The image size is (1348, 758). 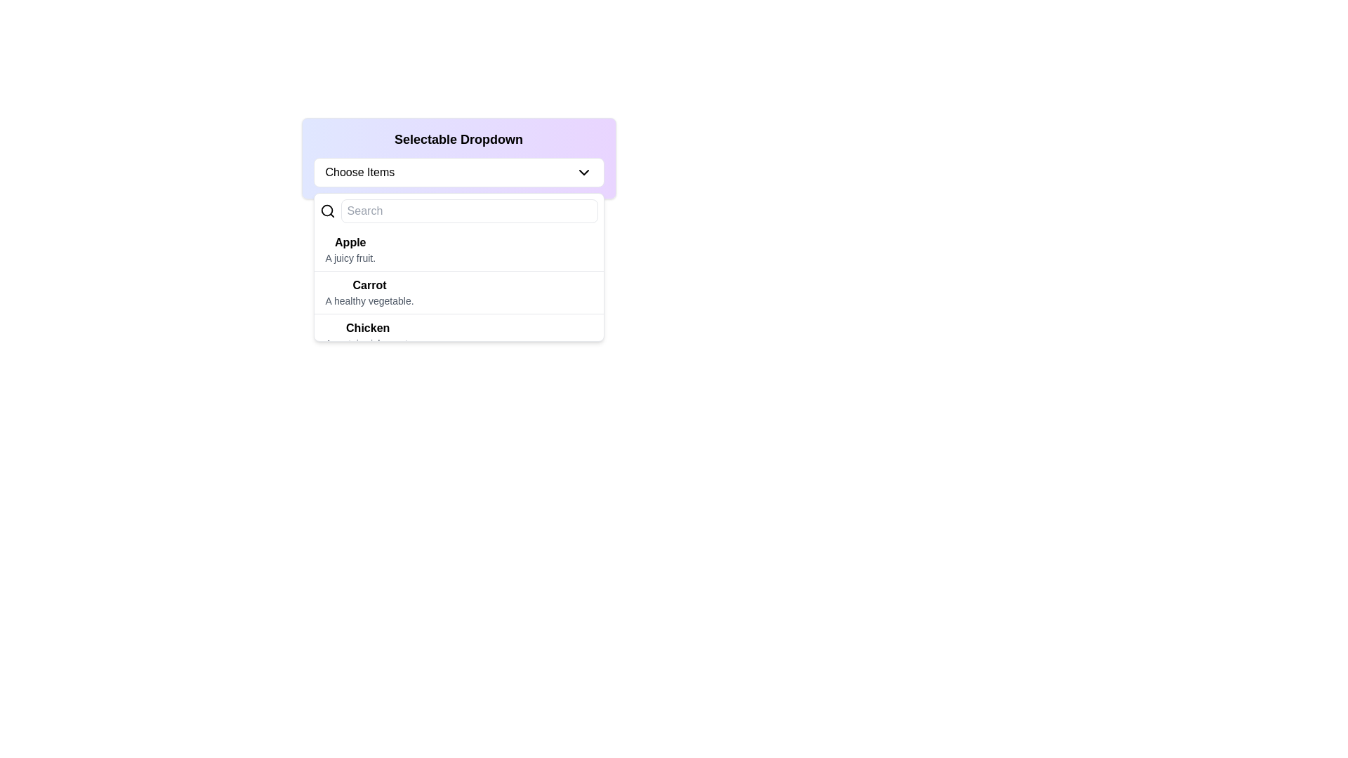 What do you see at coordinates (458, 172) in the screenshot?
I see `the Dropdown menu component located below the title 'Selectable Dropdown'` at bounding box center [458, 172].